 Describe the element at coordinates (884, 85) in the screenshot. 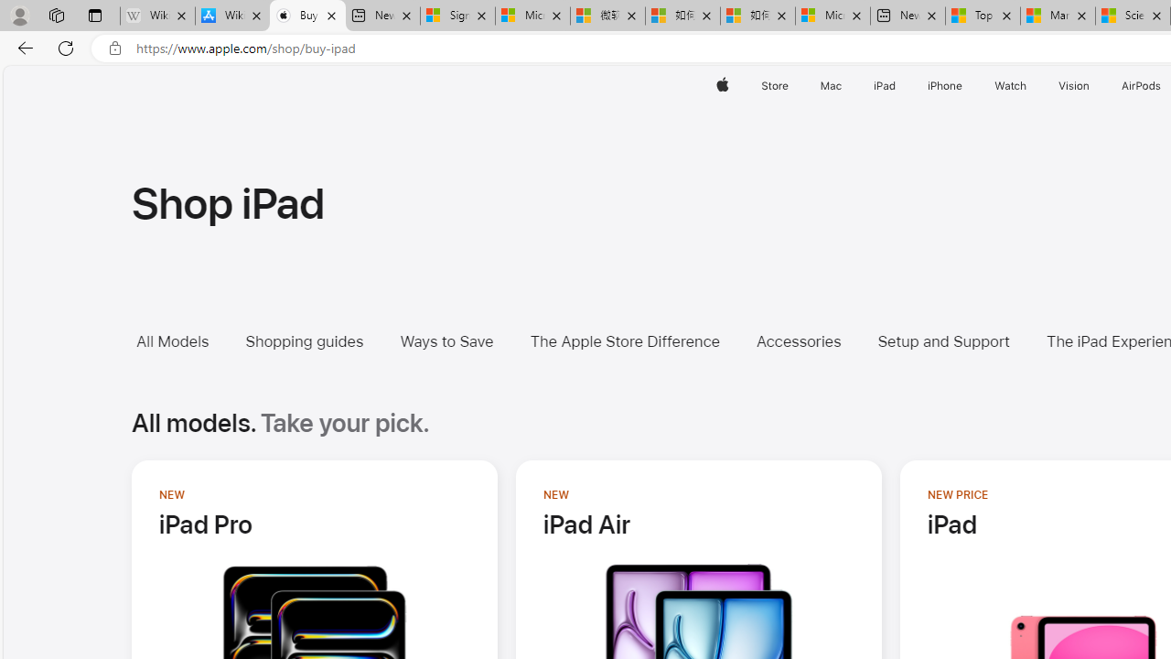

I see `'iPad'` at that location.